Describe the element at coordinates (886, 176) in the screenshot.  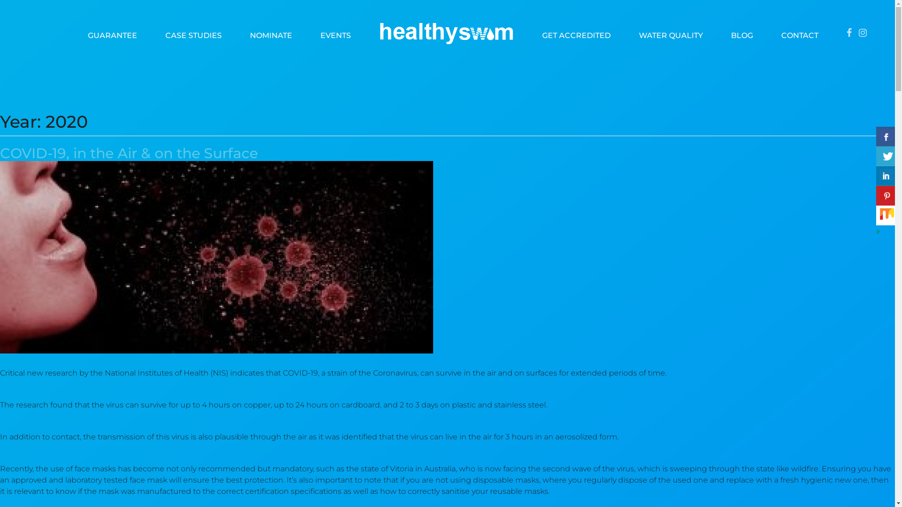
I see `'Share On Linkedin'` at that location.